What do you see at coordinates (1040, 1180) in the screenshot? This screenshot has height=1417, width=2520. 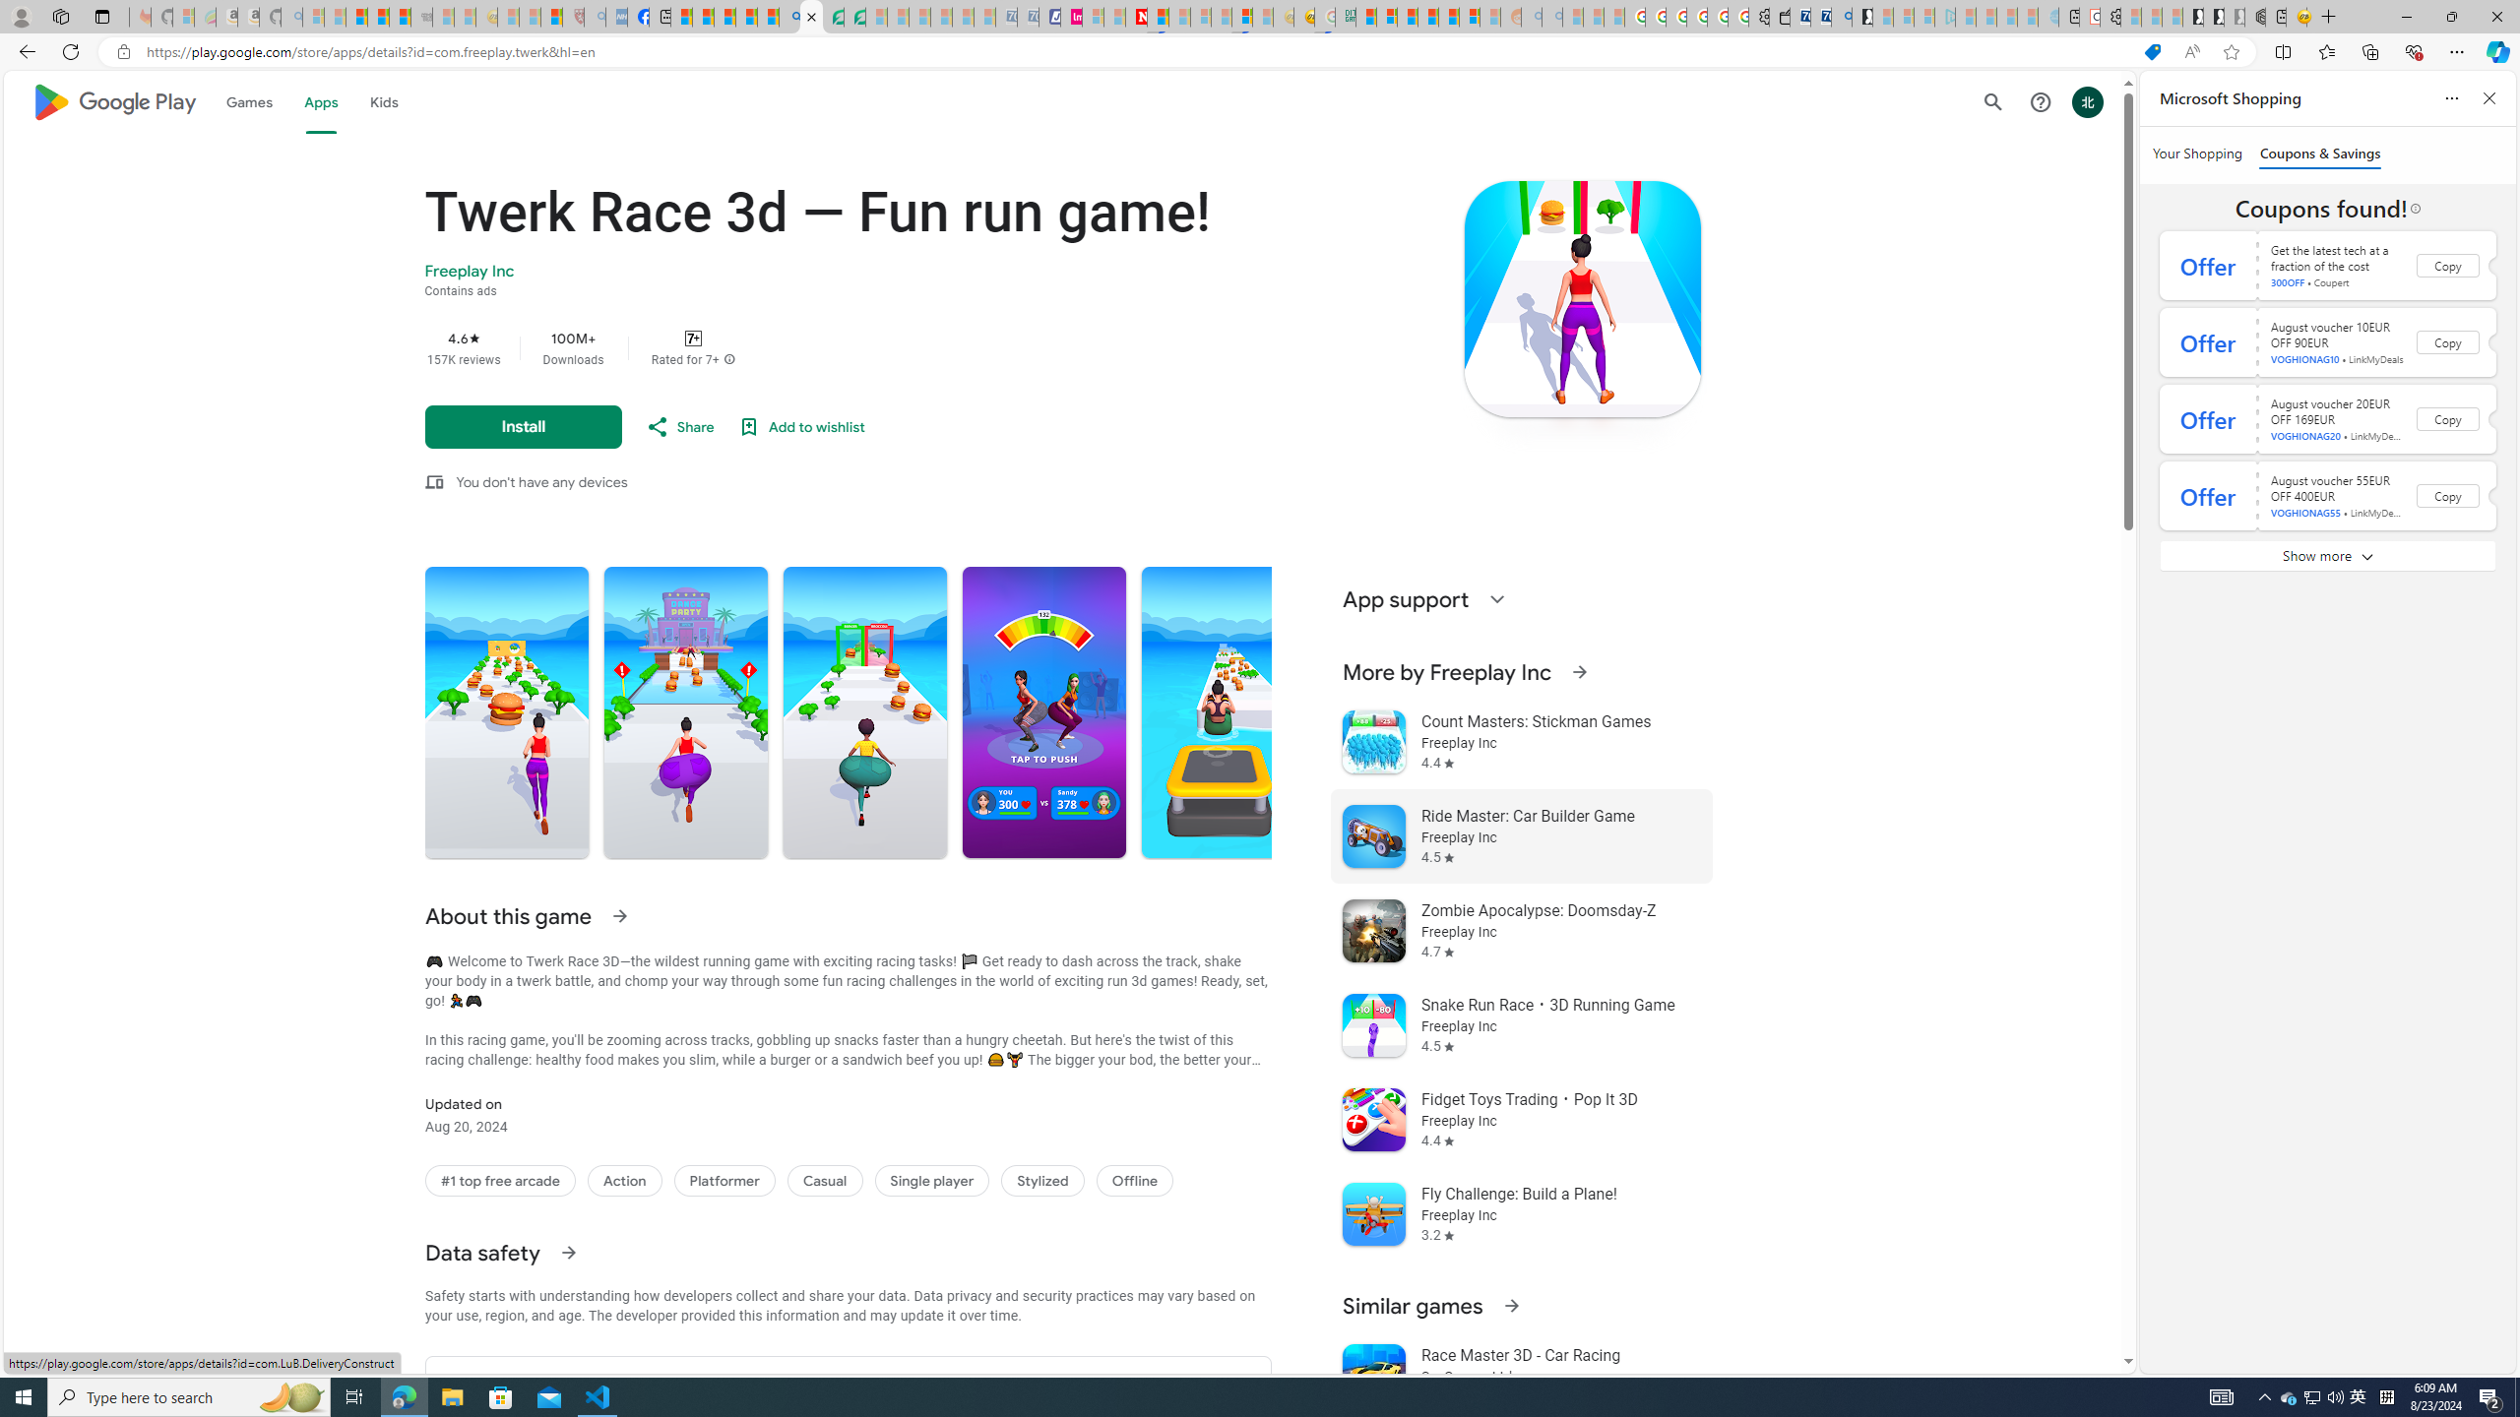 I see `'Stylized'` at bounding box center [1040, 1180].